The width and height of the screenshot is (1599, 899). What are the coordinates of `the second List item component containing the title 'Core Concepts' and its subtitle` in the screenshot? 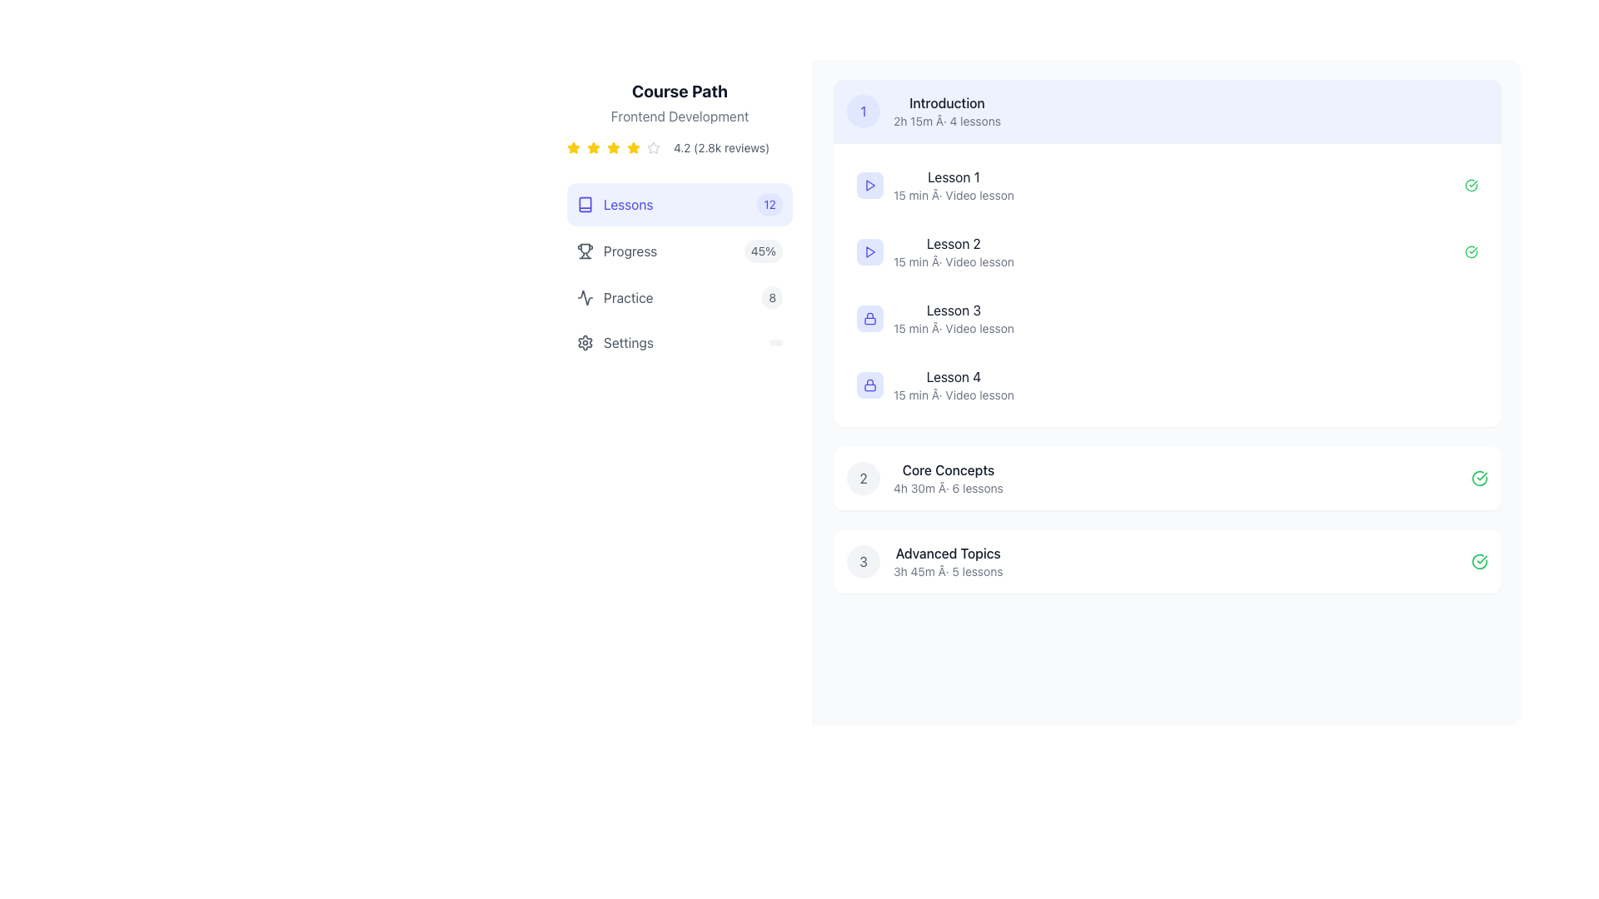 It's located at (924, 478).